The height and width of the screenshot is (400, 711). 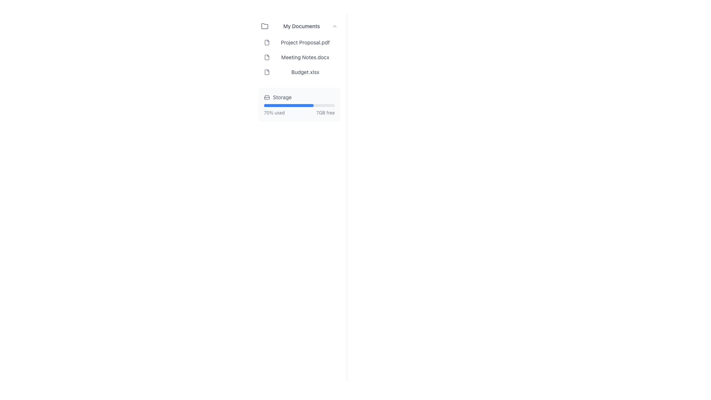 I want to click on the gray folder icon located near the 'My Documents' label, so click(x=265, y=25).